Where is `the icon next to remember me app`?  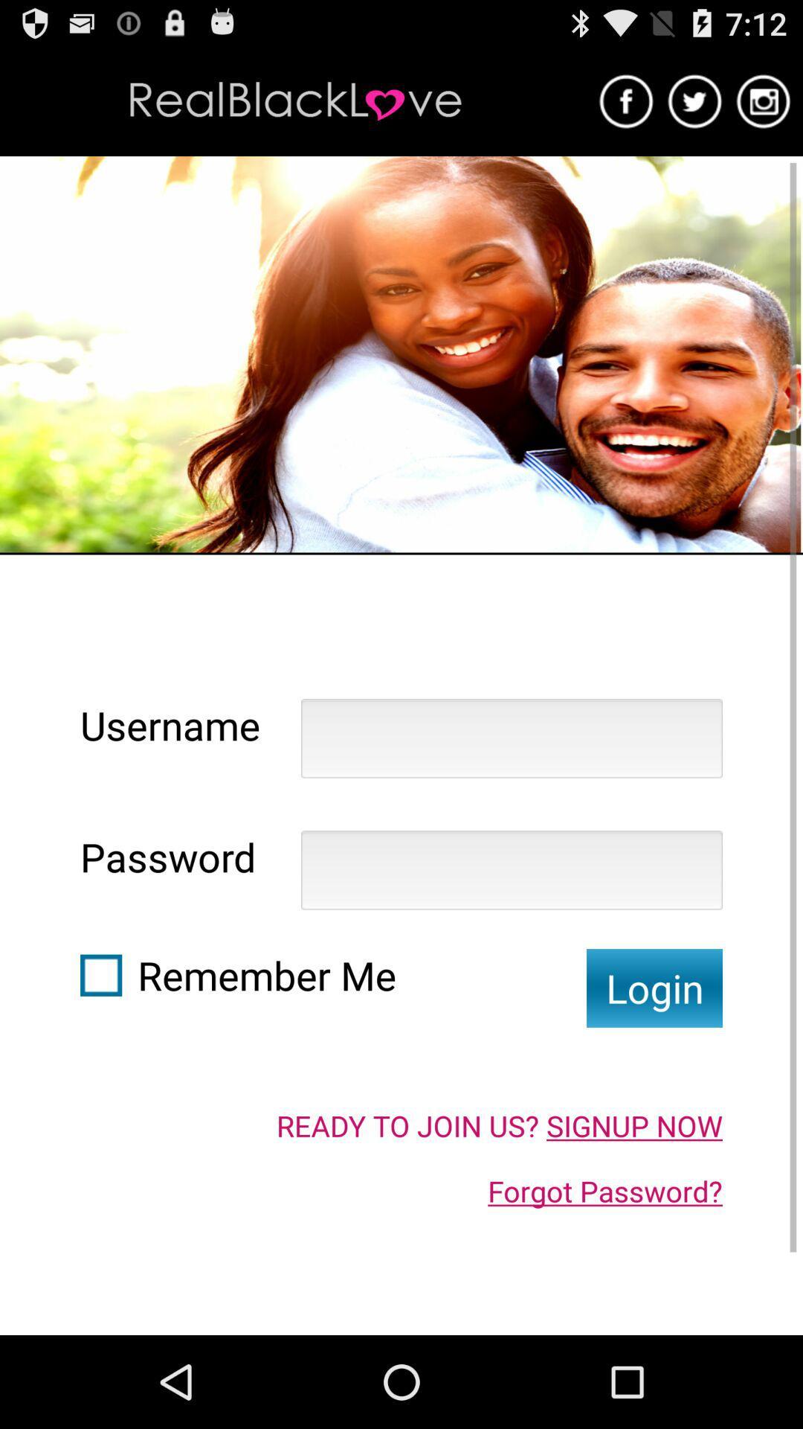 the icon next to remember me app is located at coordinates (654, 988).